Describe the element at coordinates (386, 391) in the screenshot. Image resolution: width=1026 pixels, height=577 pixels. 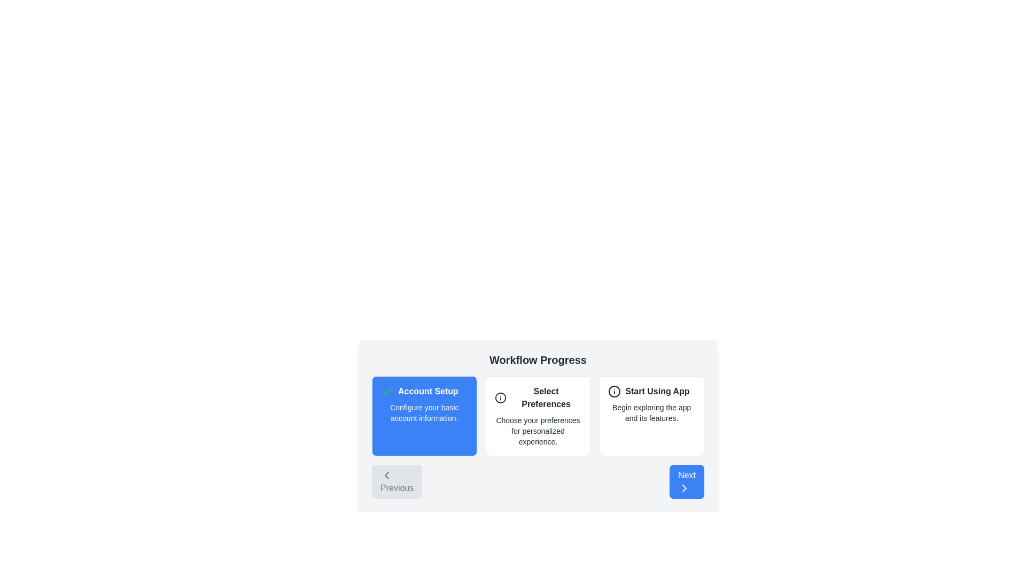
I see `the small green checkmark icon located within the 'Account Setup' card in the workflow progress interface` at that location.